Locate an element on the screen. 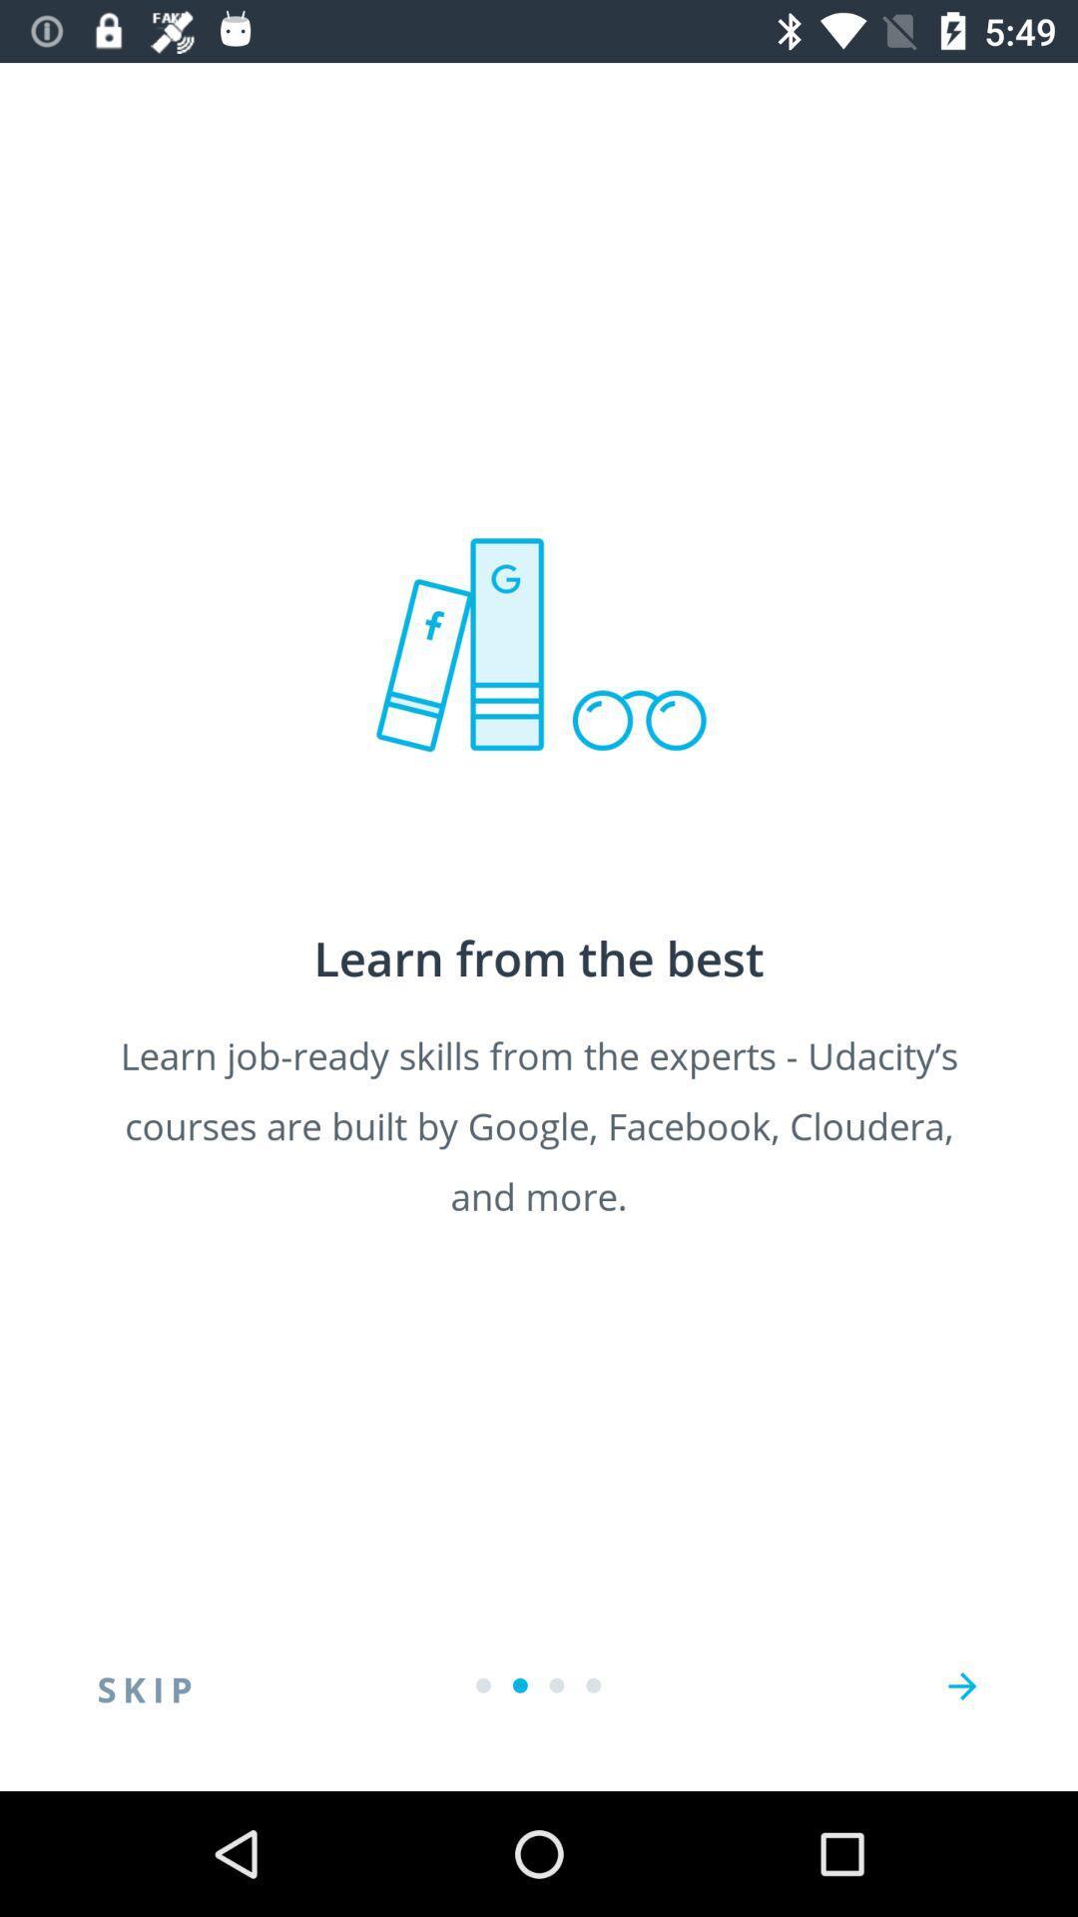 The height and width of the screenshot is (1917, 1078). skip is located at coordinates (144, 1685).